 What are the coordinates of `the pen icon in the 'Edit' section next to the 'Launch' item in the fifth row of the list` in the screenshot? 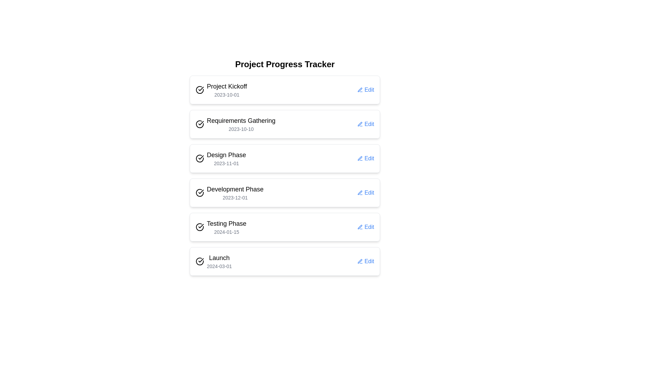 It's located at (360, 261).